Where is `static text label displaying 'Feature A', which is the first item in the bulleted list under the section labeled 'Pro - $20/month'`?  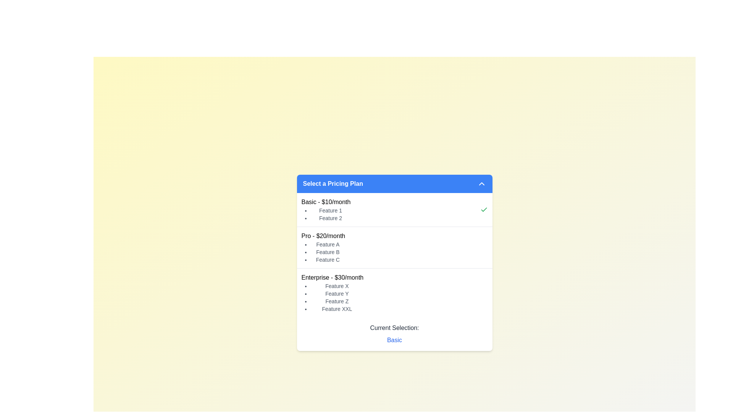
static text label displaying 'Feature A', which is the first item in the bulleted list under the section labeled 'Pro - $20/month' is located at coordinates (328, 244).